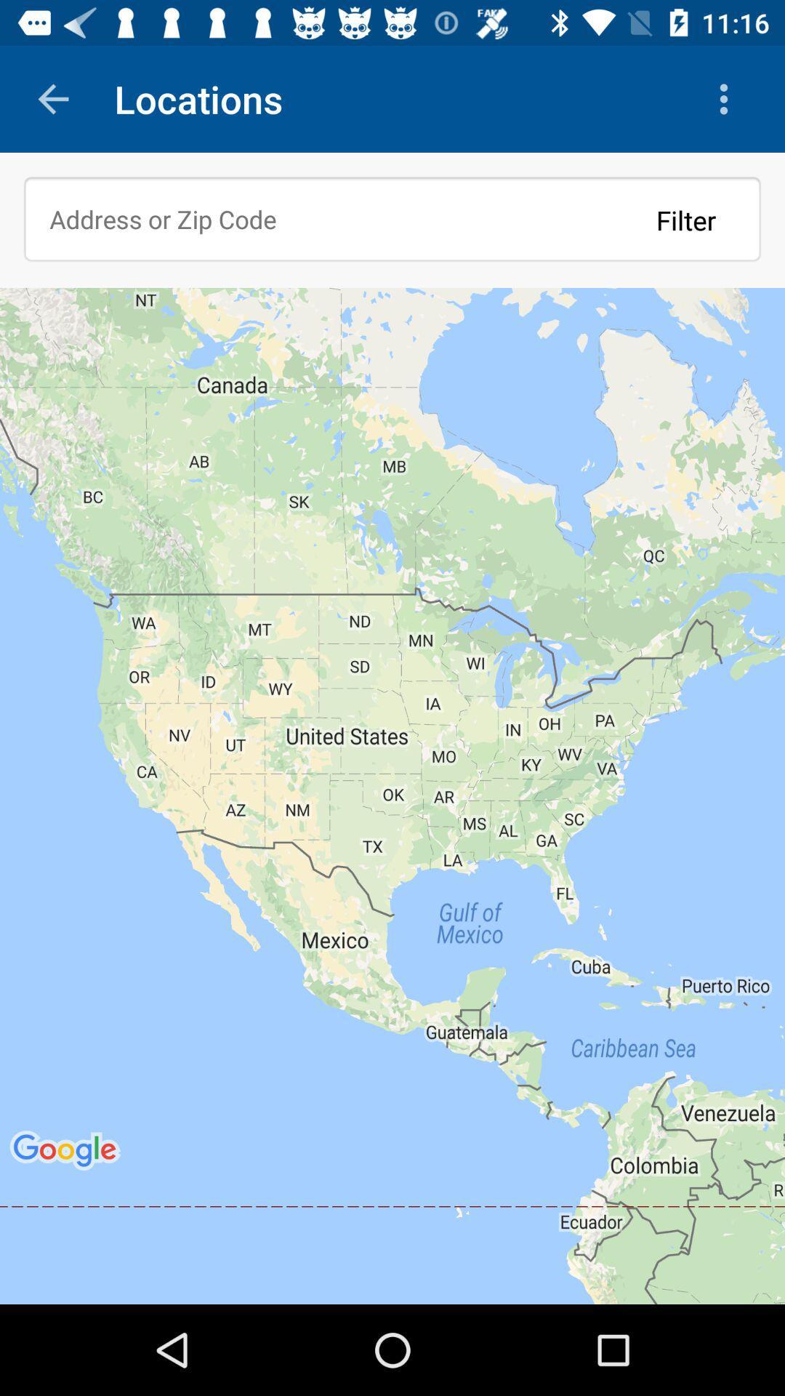 The width and height of the screenshot is (785, 1396). I want to click on icon next to the locations app, so click(728, 98).